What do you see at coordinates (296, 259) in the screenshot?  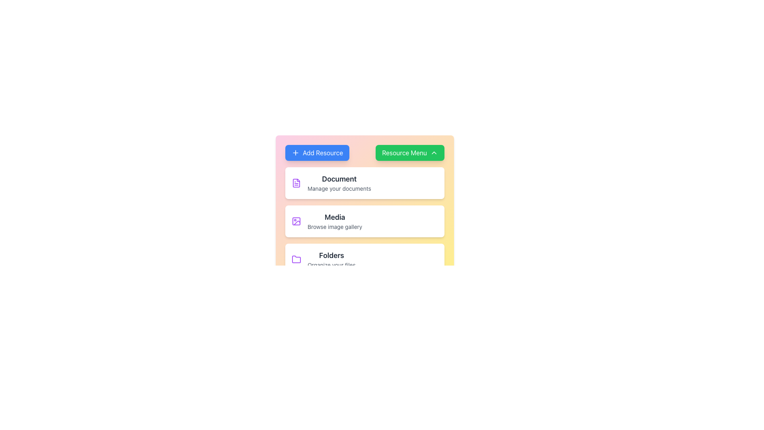 I see `the stylized folder icon with a purple outline located to the far left, preceding the text 'Folders' and 'Organize your files' within the third card component` at bounding box center [296, 259].